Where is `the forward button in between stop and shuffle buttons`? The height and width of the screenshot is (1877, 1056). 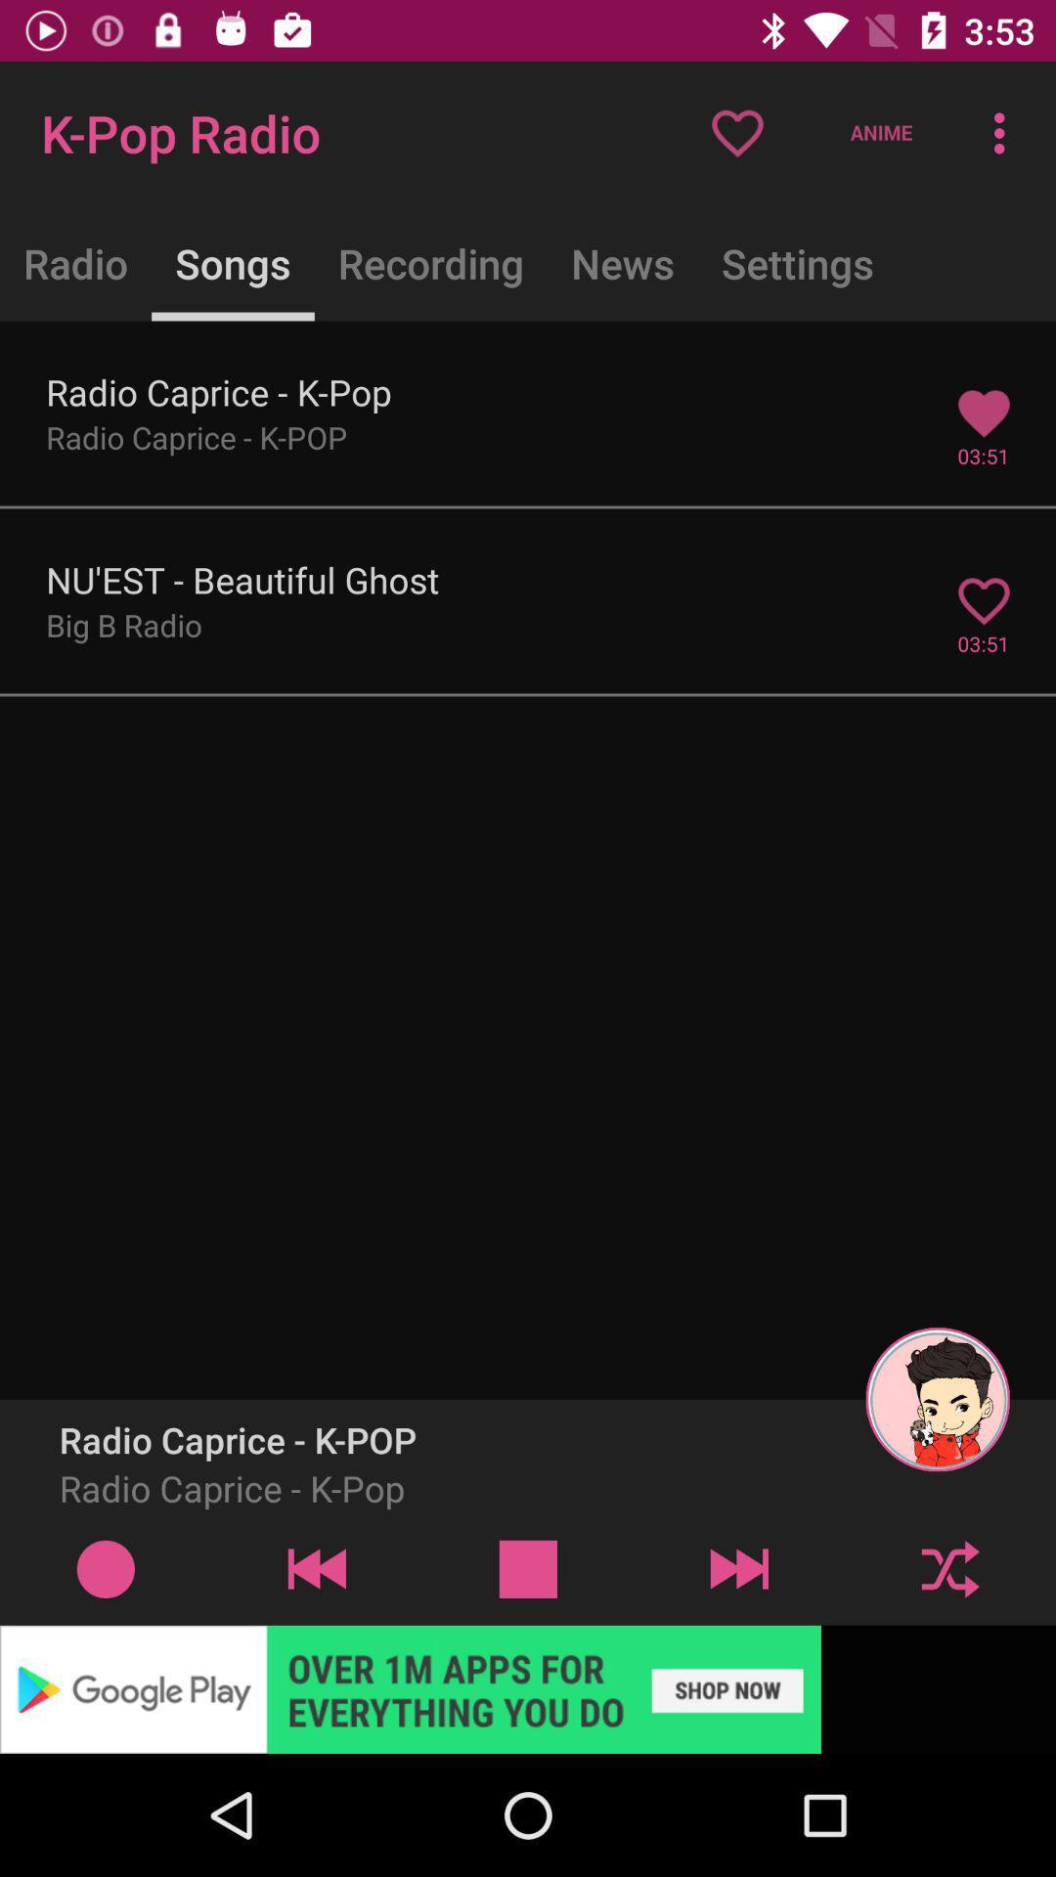
the forward button in between stop and shuffle buttons is located at coordinates (739, 1568).